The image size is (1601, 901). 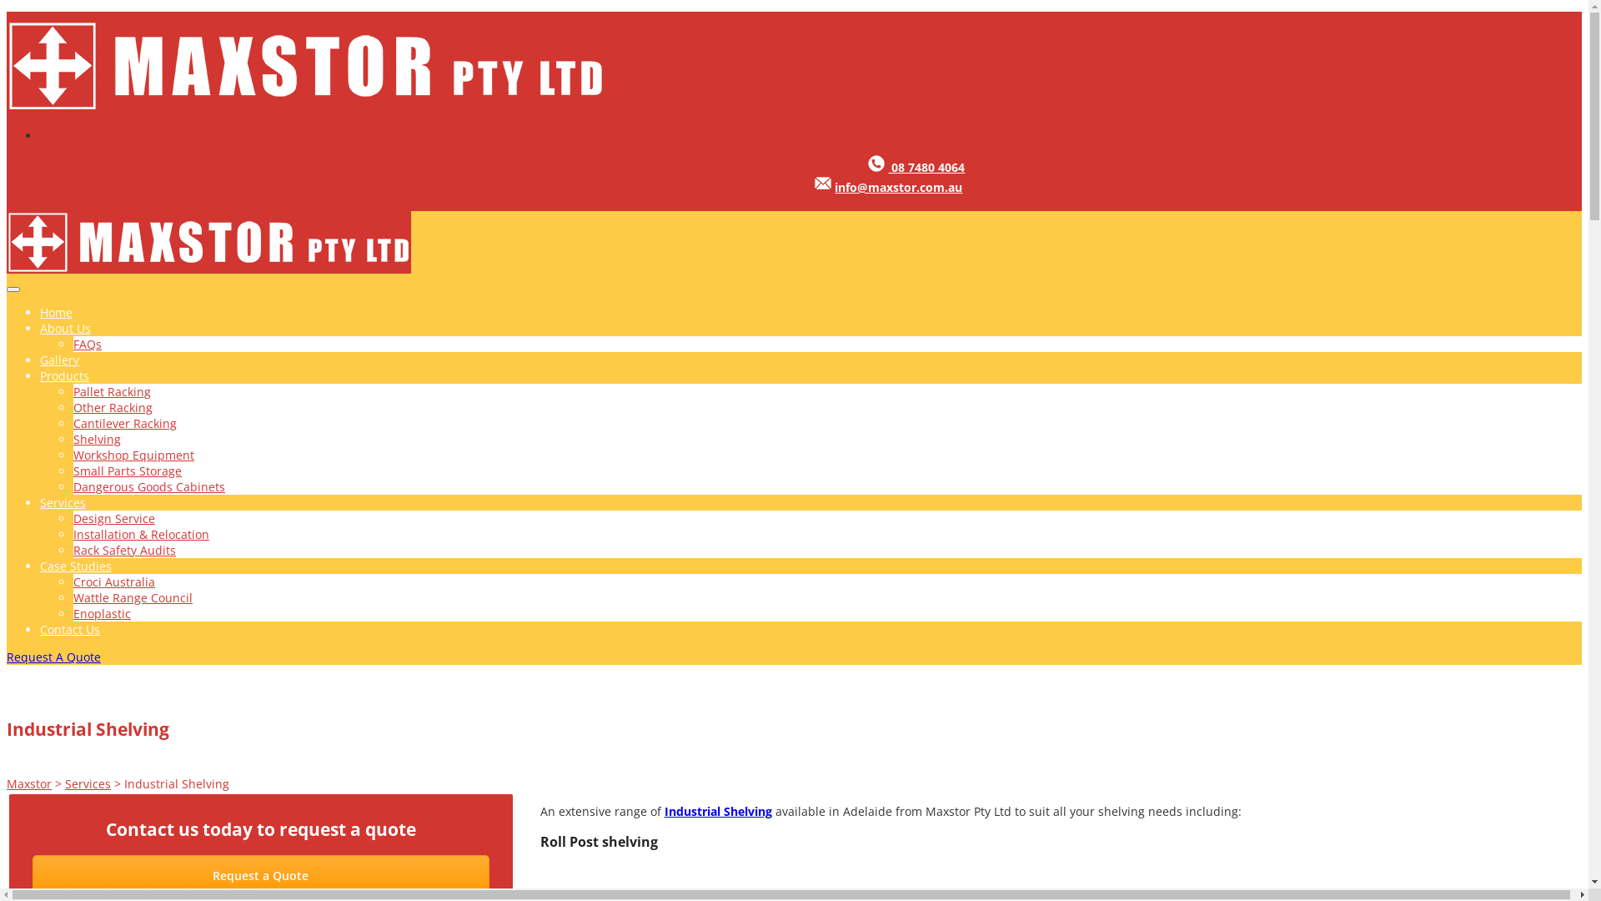 What do you see at coordinates (259, 874) in the screenshot?
I see `'Request a Quote'` at bounding box center [259, 874].